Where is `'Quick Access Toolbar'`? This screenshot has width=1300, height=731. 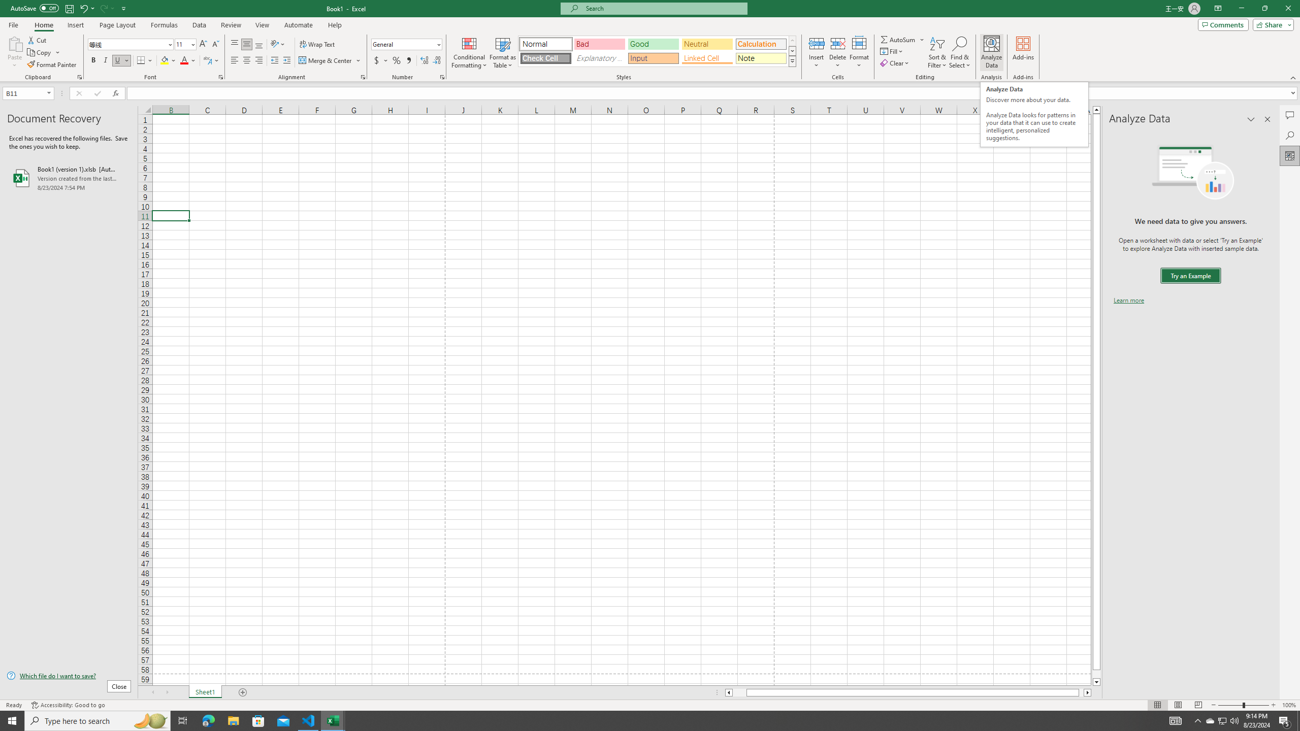
'Quick Access Toolbar' is located at coordinates (69, 8).